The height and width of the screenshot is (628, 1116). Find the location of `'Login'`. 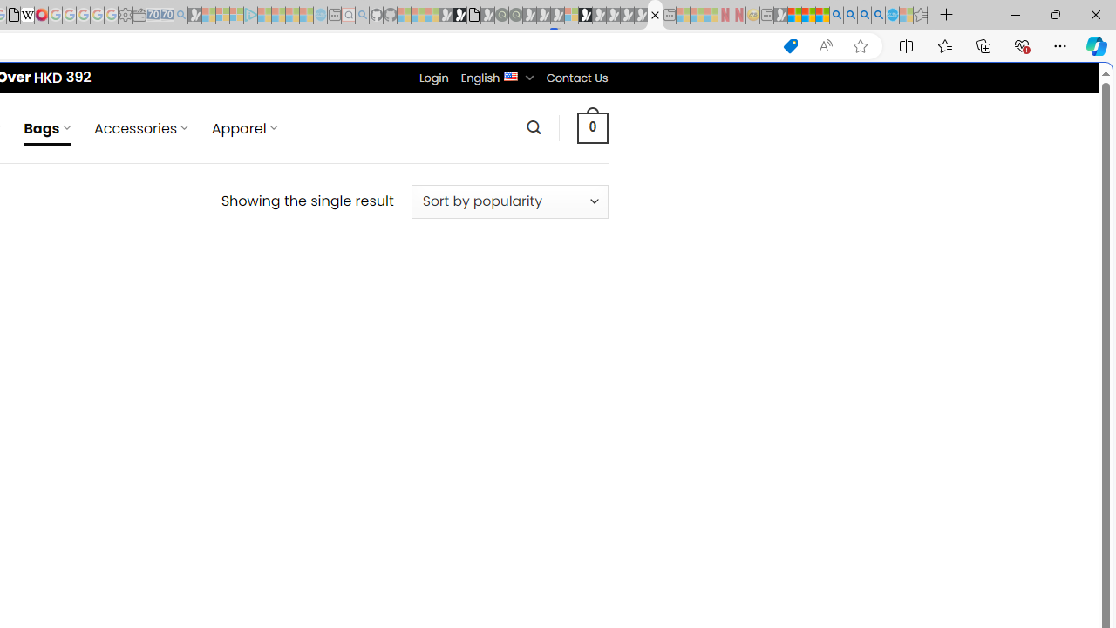

'Login' is located at coordinates (433, 77).